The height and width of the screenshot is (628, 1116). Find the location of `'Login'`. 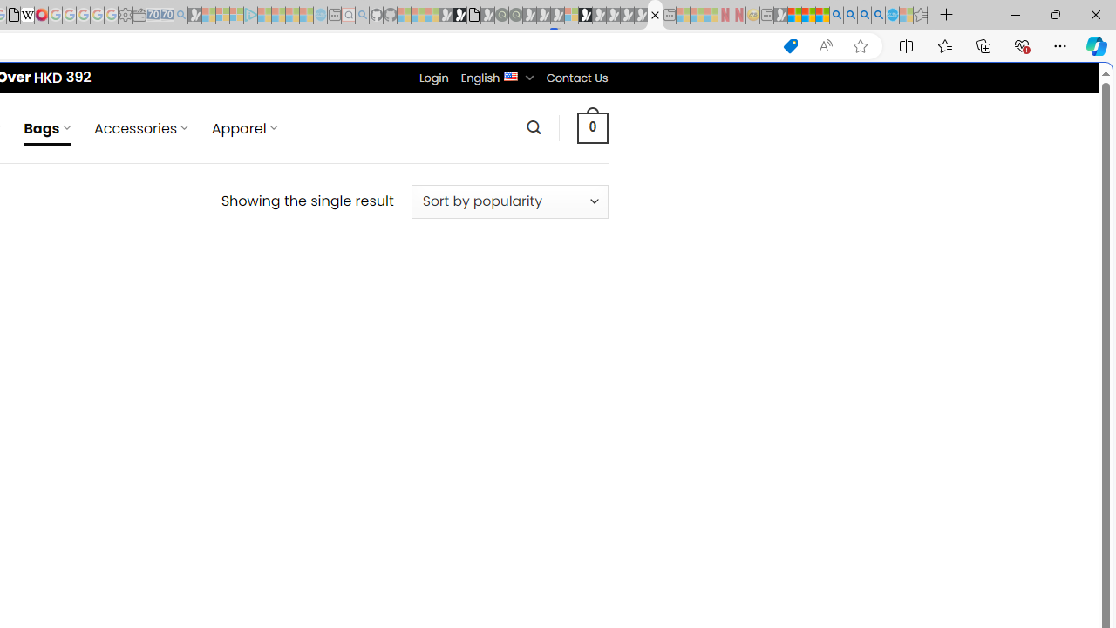

'Login' is located at coordinates (433, 77).